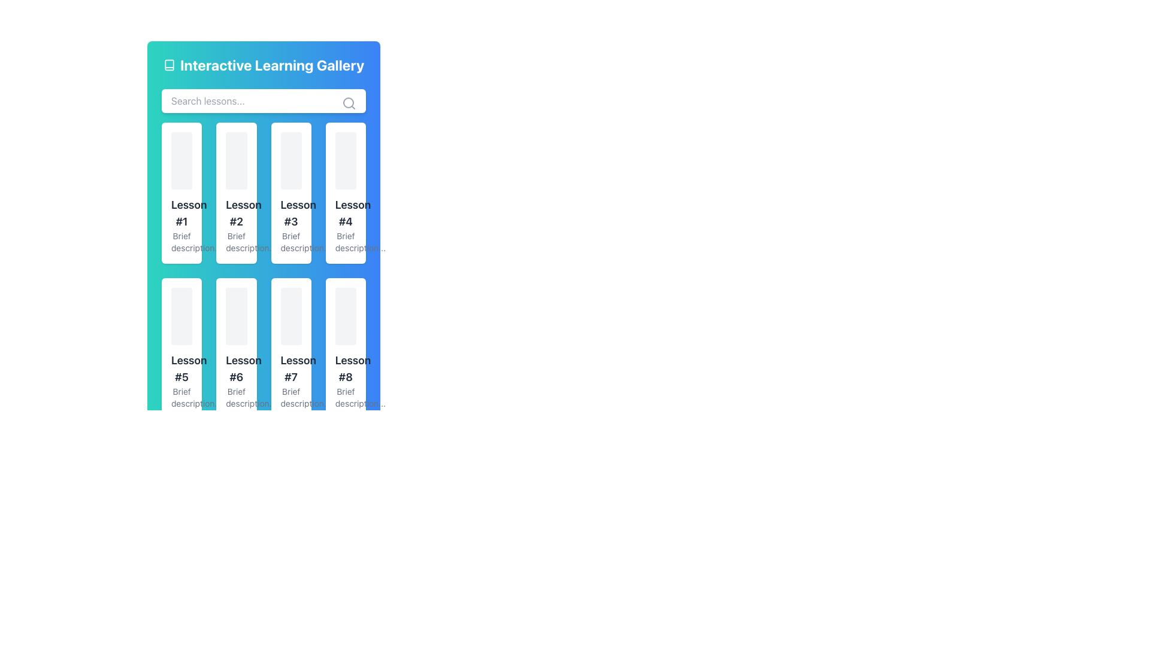 The image size is (1150, 646). I want to click on the title text element 'Lesson #2' located in the second rectangular card of the interface, specifically in the first row's second column, so click(236, 213).